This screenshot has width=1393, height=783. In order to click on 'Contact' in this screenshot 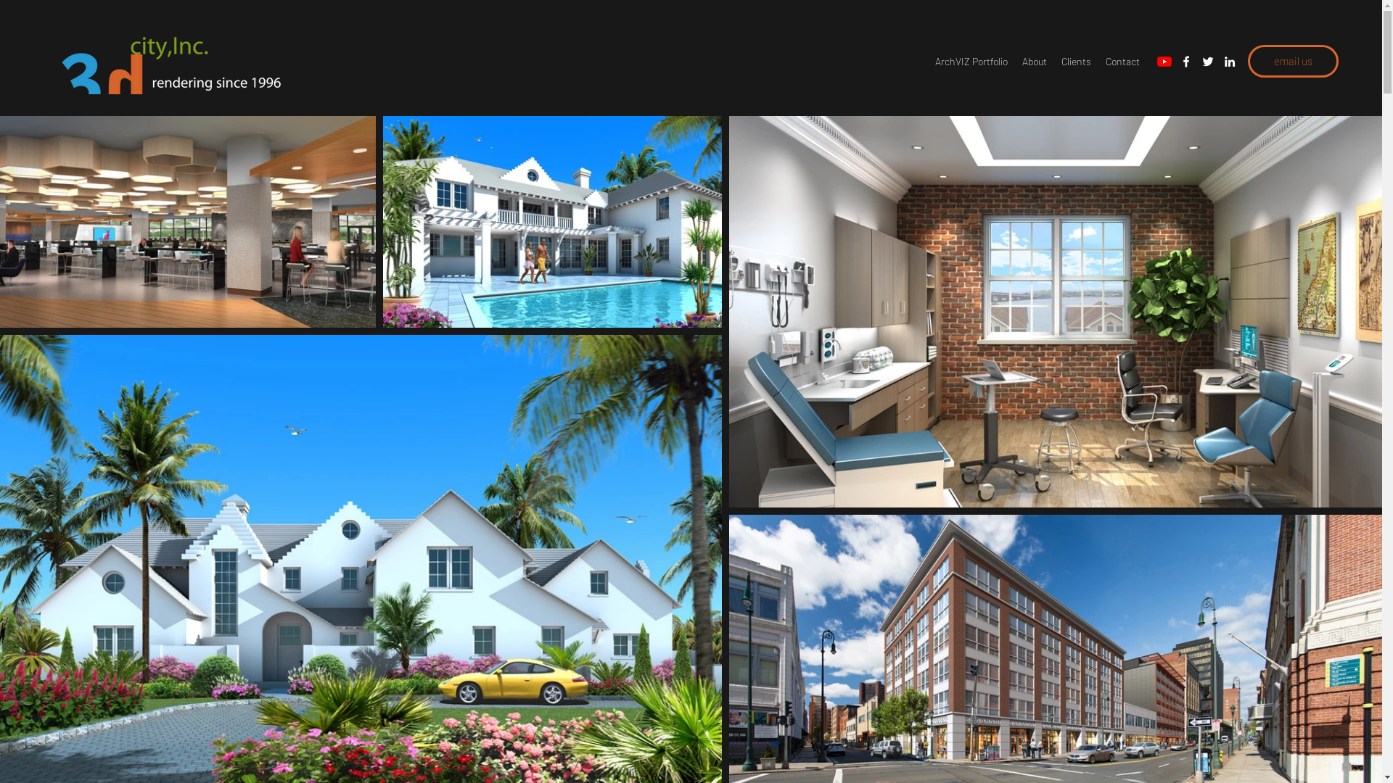, I will do `click(1122, 60)`.